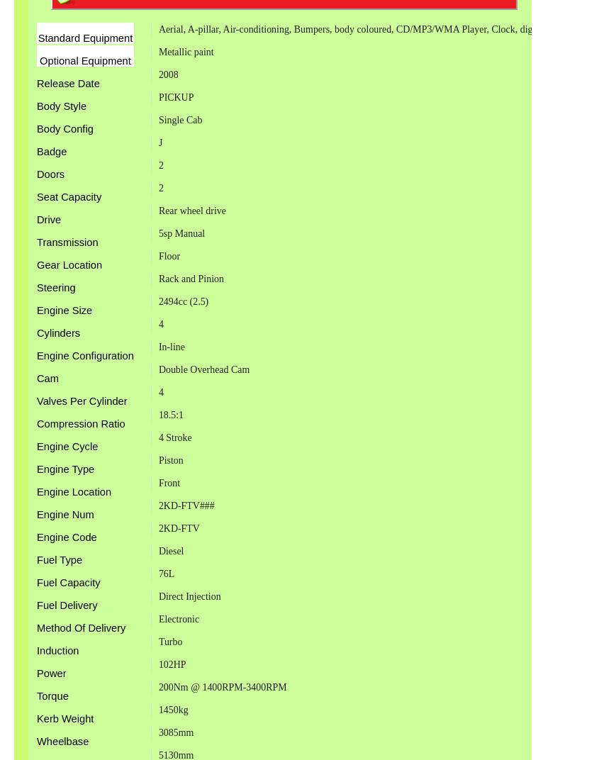  Describe the element at coordinates (65, 128) in the screenshot. I see `'Body 
						   Config'` at that location.